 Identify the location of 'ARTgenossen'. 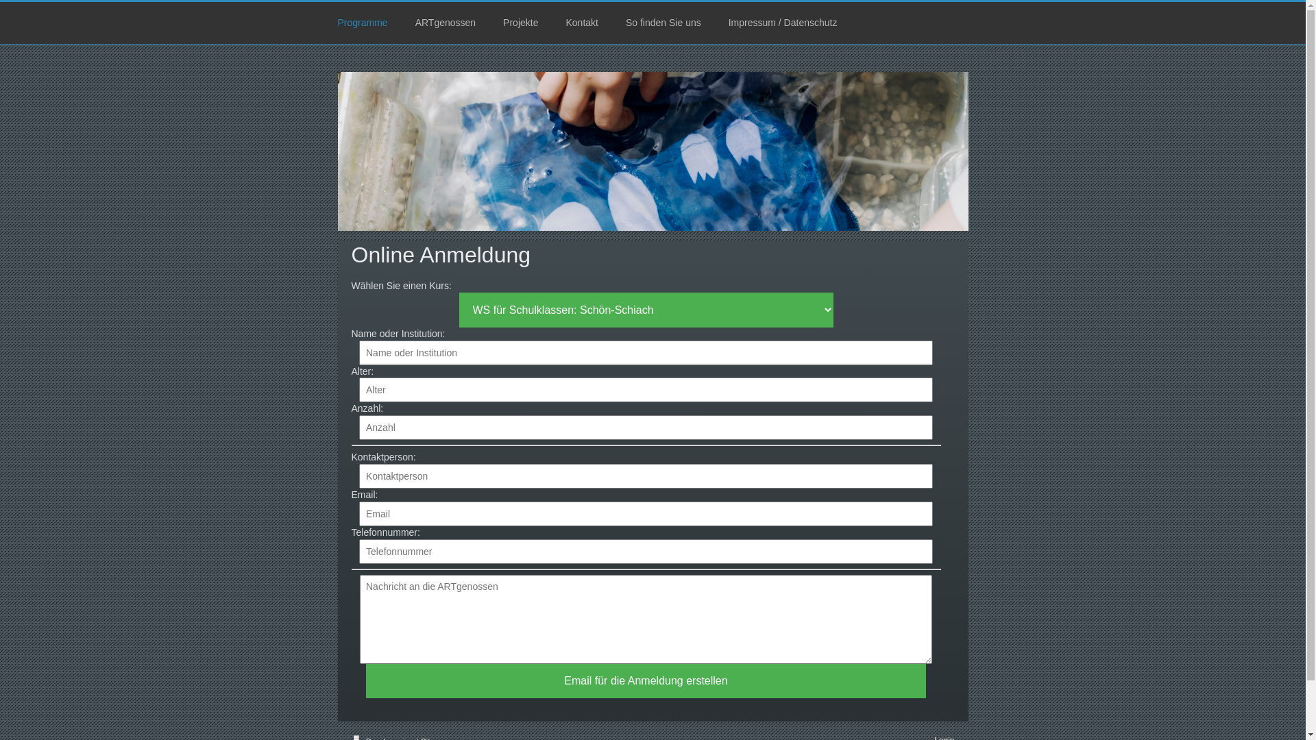
(445, 23).